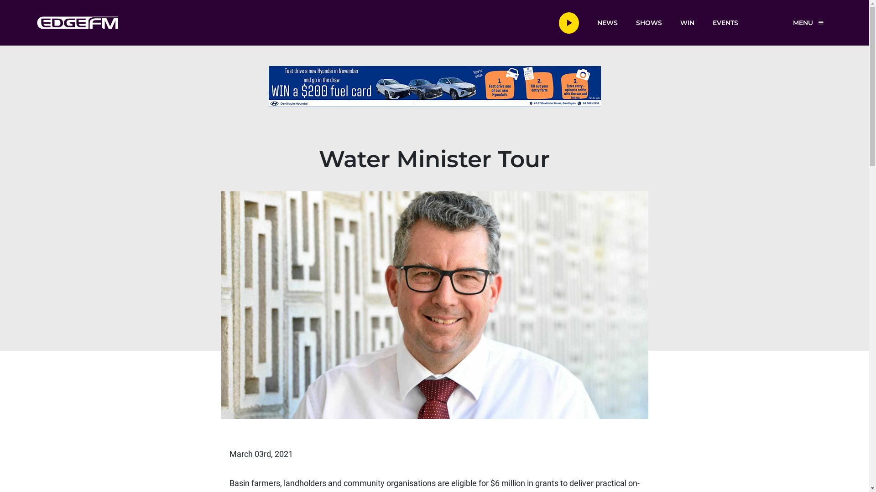 The image size is (876, 492). What do you see at coordinates (648, 22) in the screenshot?
I see `'SHOWS'` at bounding box center [648, 22].